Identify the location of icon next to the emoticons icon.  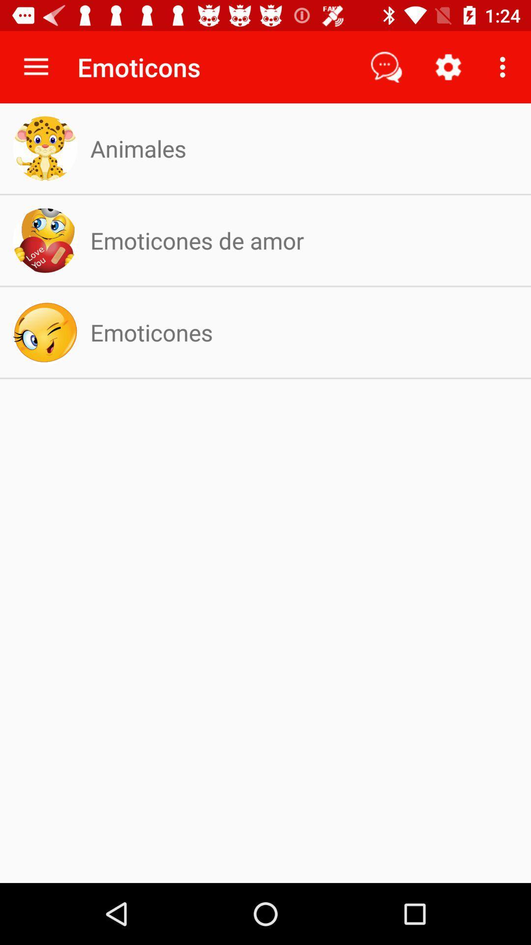
(35, 66).